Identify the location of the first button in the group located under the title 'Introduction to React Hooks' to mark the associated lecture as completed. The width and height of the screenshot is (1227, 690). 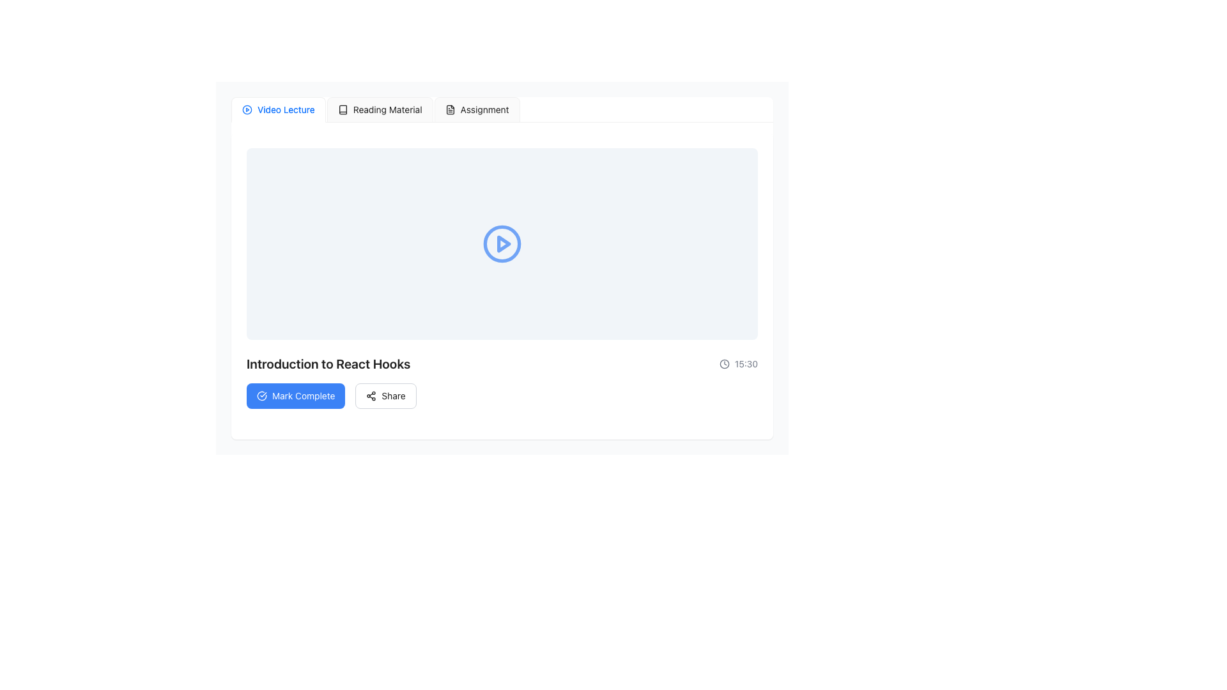
(295, 395).